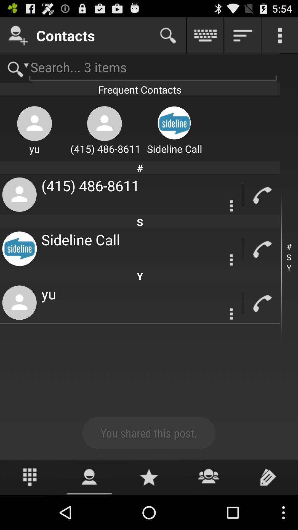 This screenshot has width=298, height=530. What do you see at coordinates (209, 477) in the screenshot?
I see `open contacts` at bounding box center [209, 477].